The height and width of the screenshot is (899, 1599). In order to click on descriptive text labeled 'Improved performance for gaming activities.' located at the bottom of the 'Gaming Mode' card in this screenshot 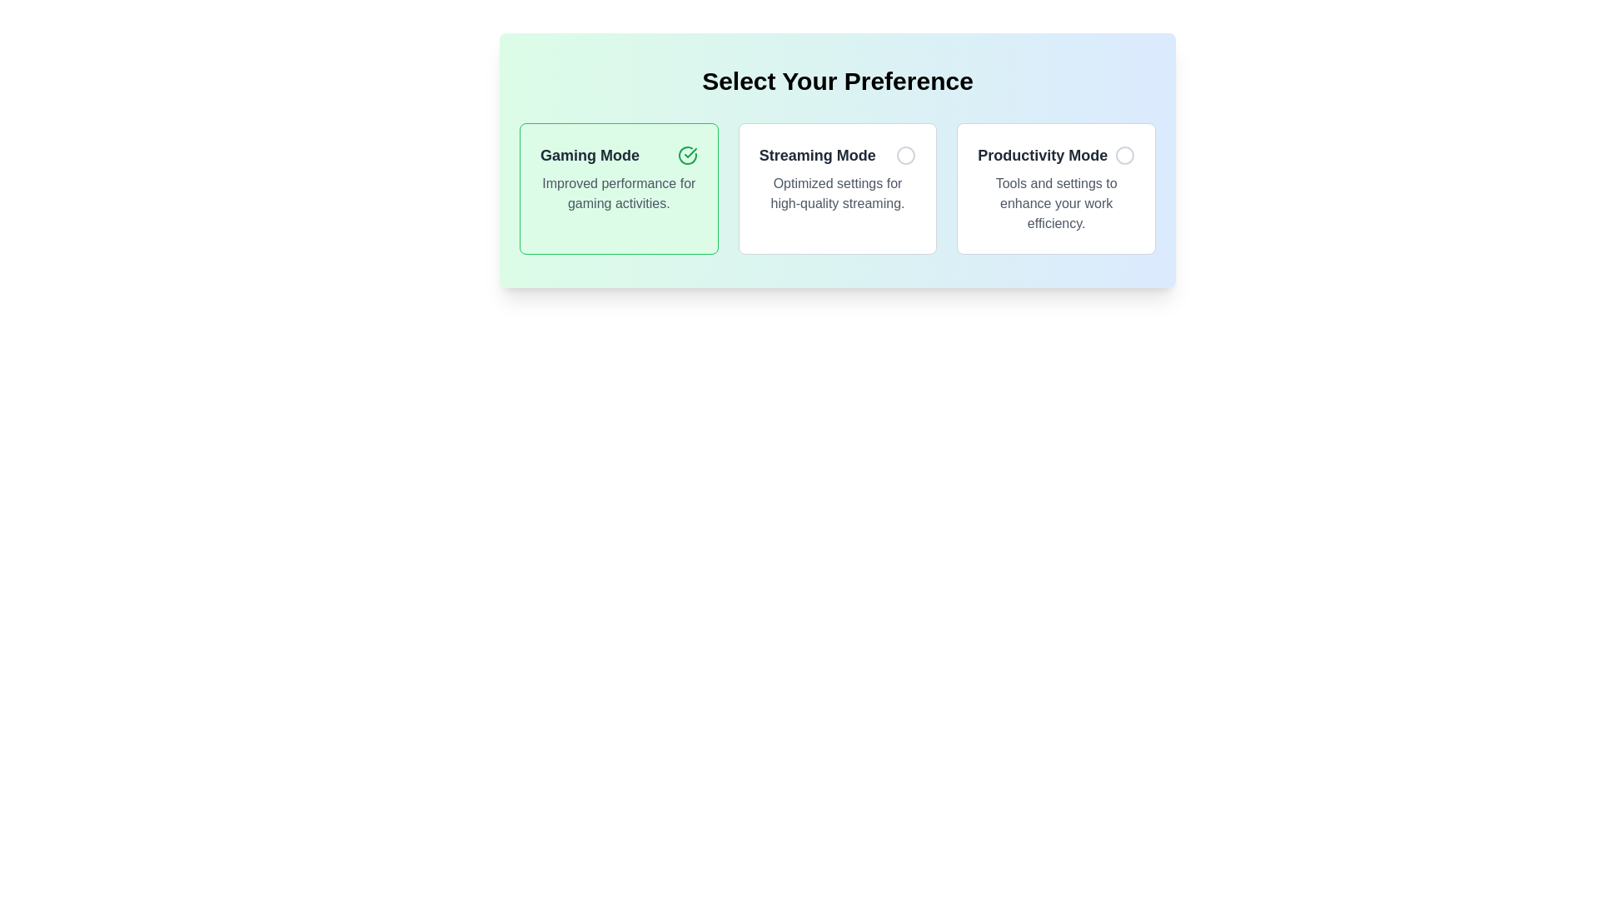, I will do `click(618, 192)`.